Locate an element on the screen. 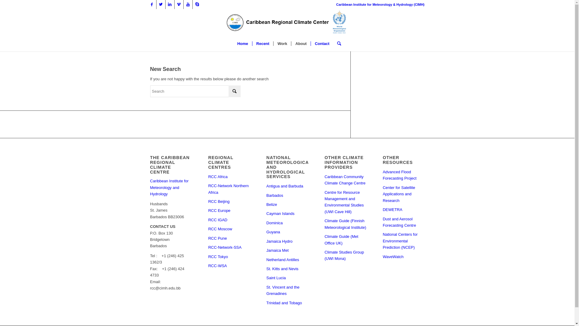 This screenshot has width=579, height=326. 'RCC Africa' is located at coordinates (228, 177).